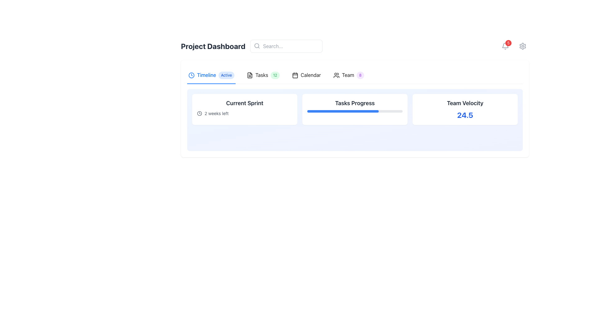 The height and width of the screenshot is (335, 596). What do you see at coordinates (306, 75) in the screenshot?
I see `the 'Calendar' tab in the navigation bar` at bounding box center [306, 75].